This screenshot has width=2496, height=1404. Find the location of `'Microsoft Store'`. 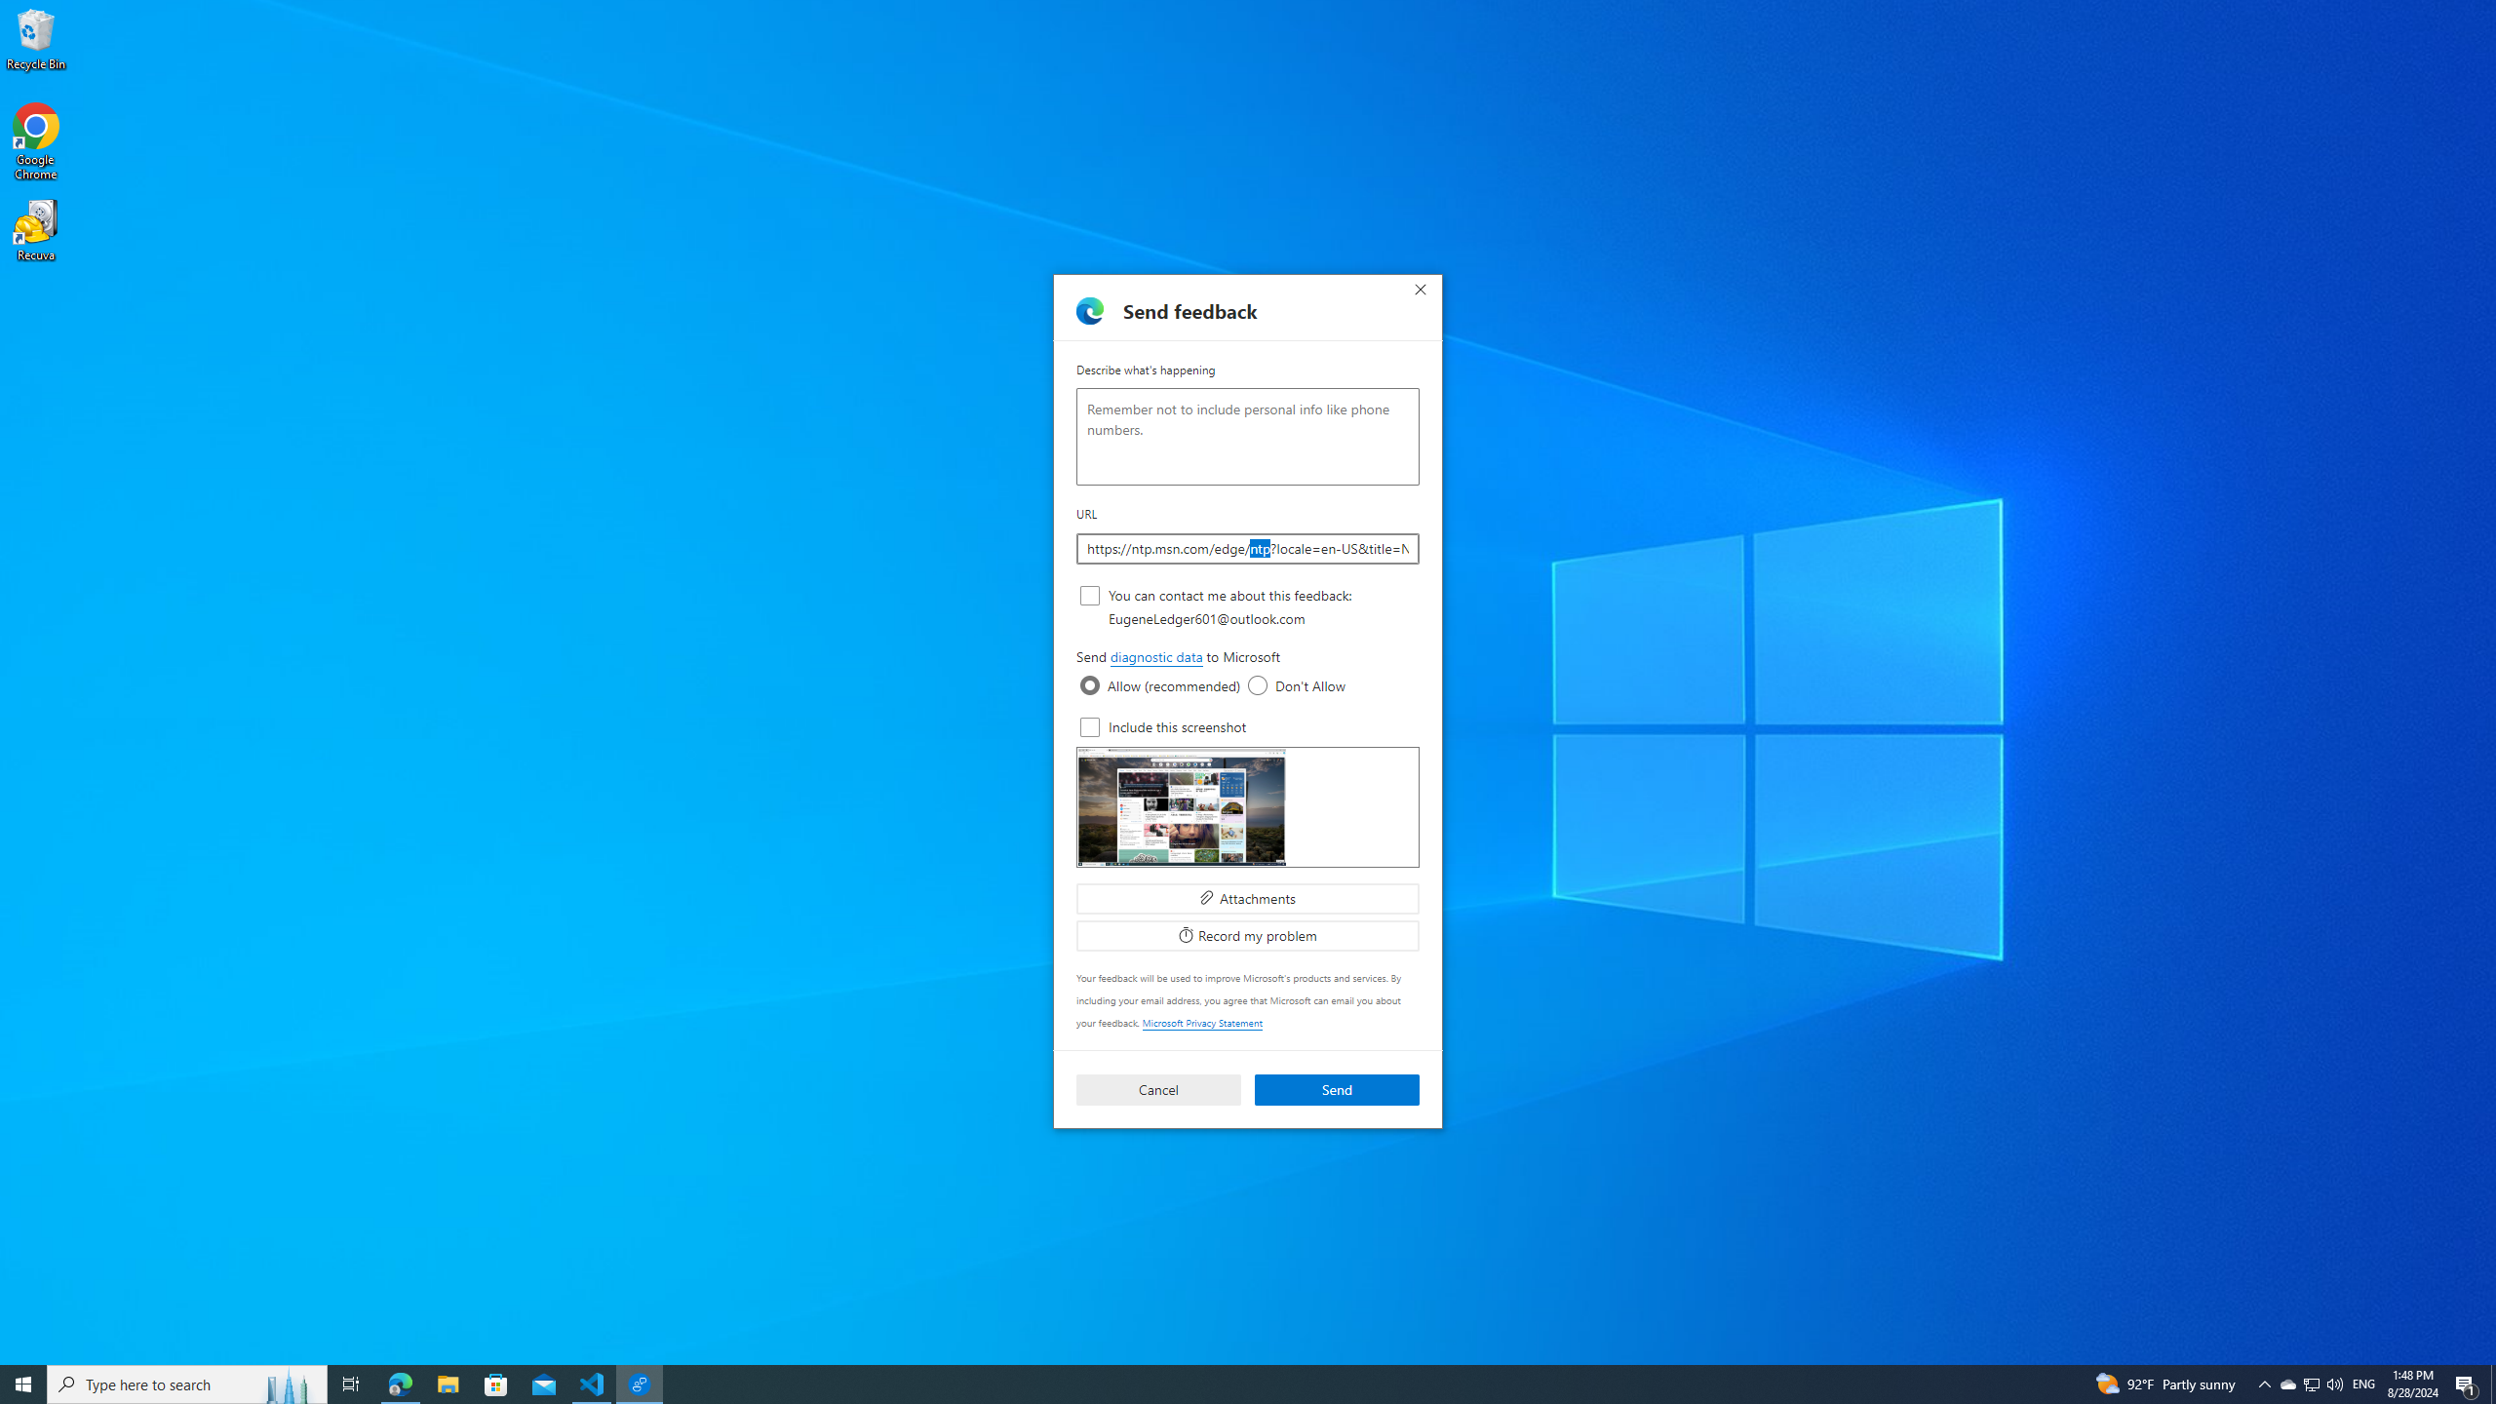

'Microsoft Store' is located at coordinates (496, 1383).